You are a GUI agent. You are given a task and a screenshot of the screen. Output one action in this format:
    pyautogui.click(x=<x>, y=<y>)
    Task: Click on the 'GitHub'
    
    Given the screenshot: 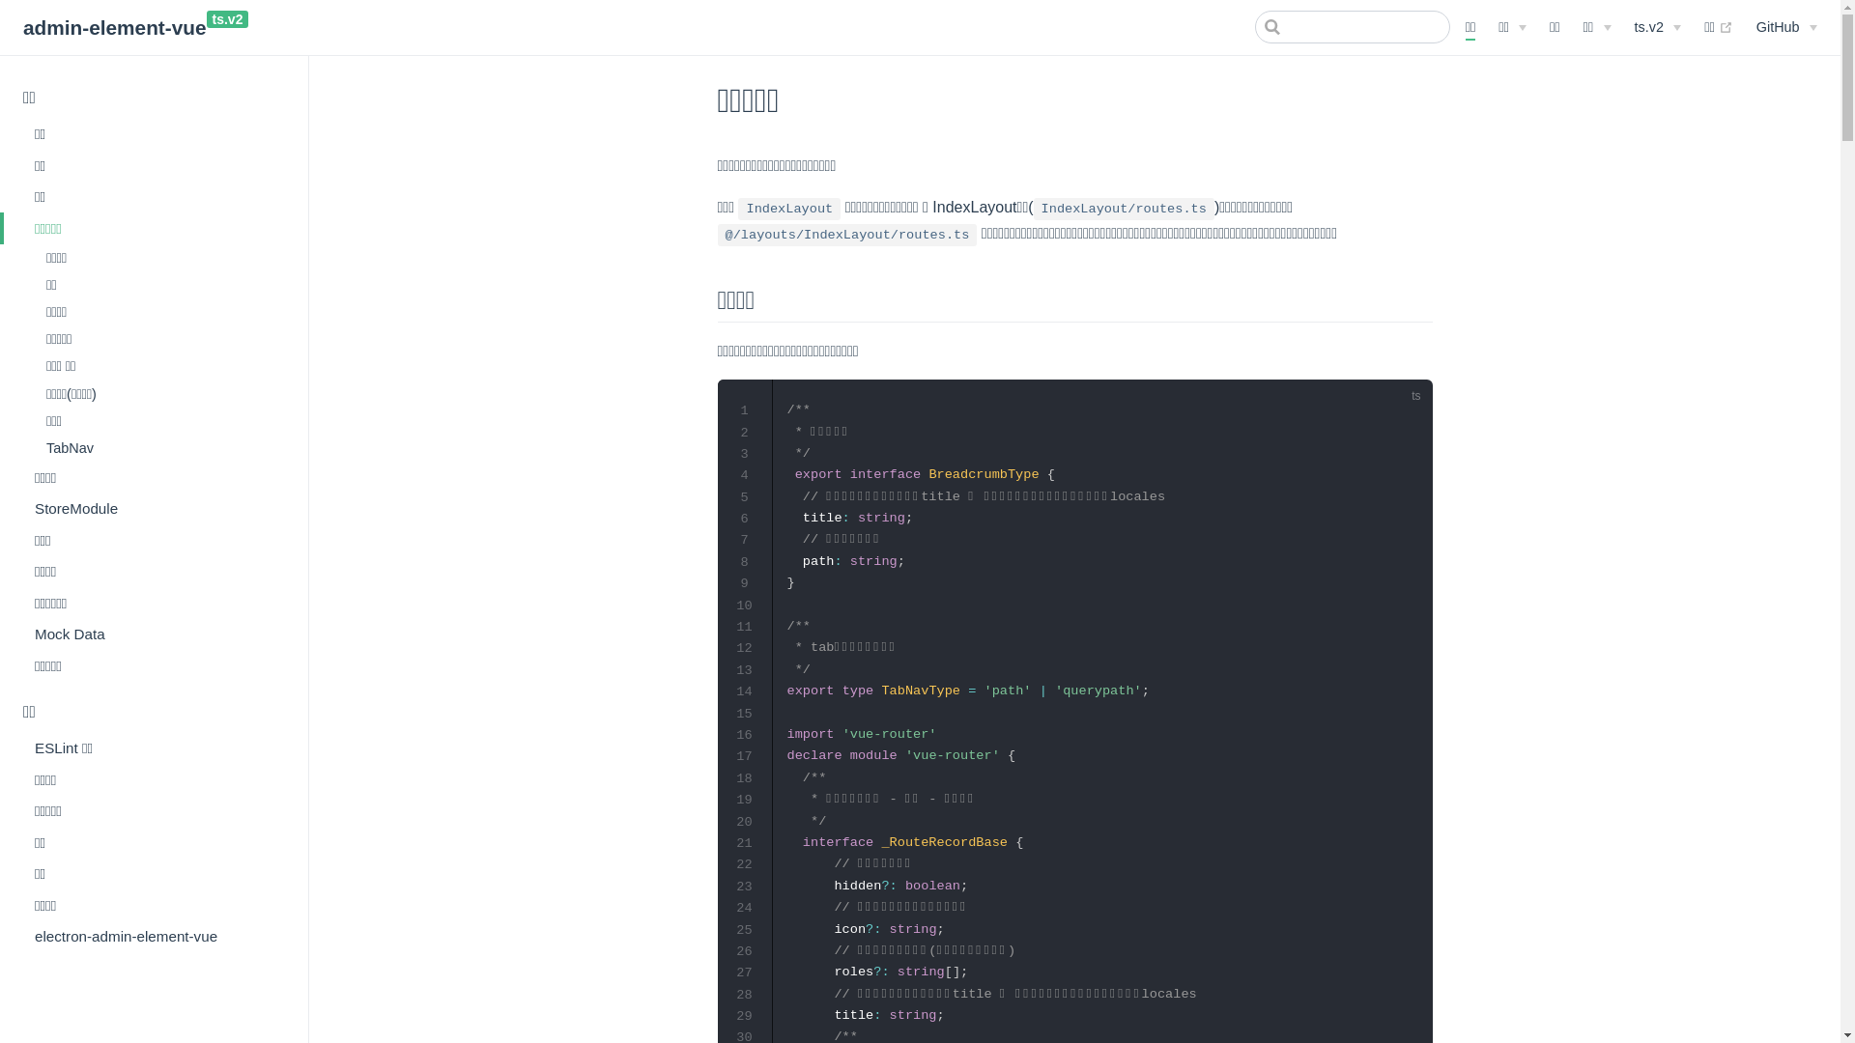 What is the action you would take?
    pyautogui.click(x=1785, y=26)
    